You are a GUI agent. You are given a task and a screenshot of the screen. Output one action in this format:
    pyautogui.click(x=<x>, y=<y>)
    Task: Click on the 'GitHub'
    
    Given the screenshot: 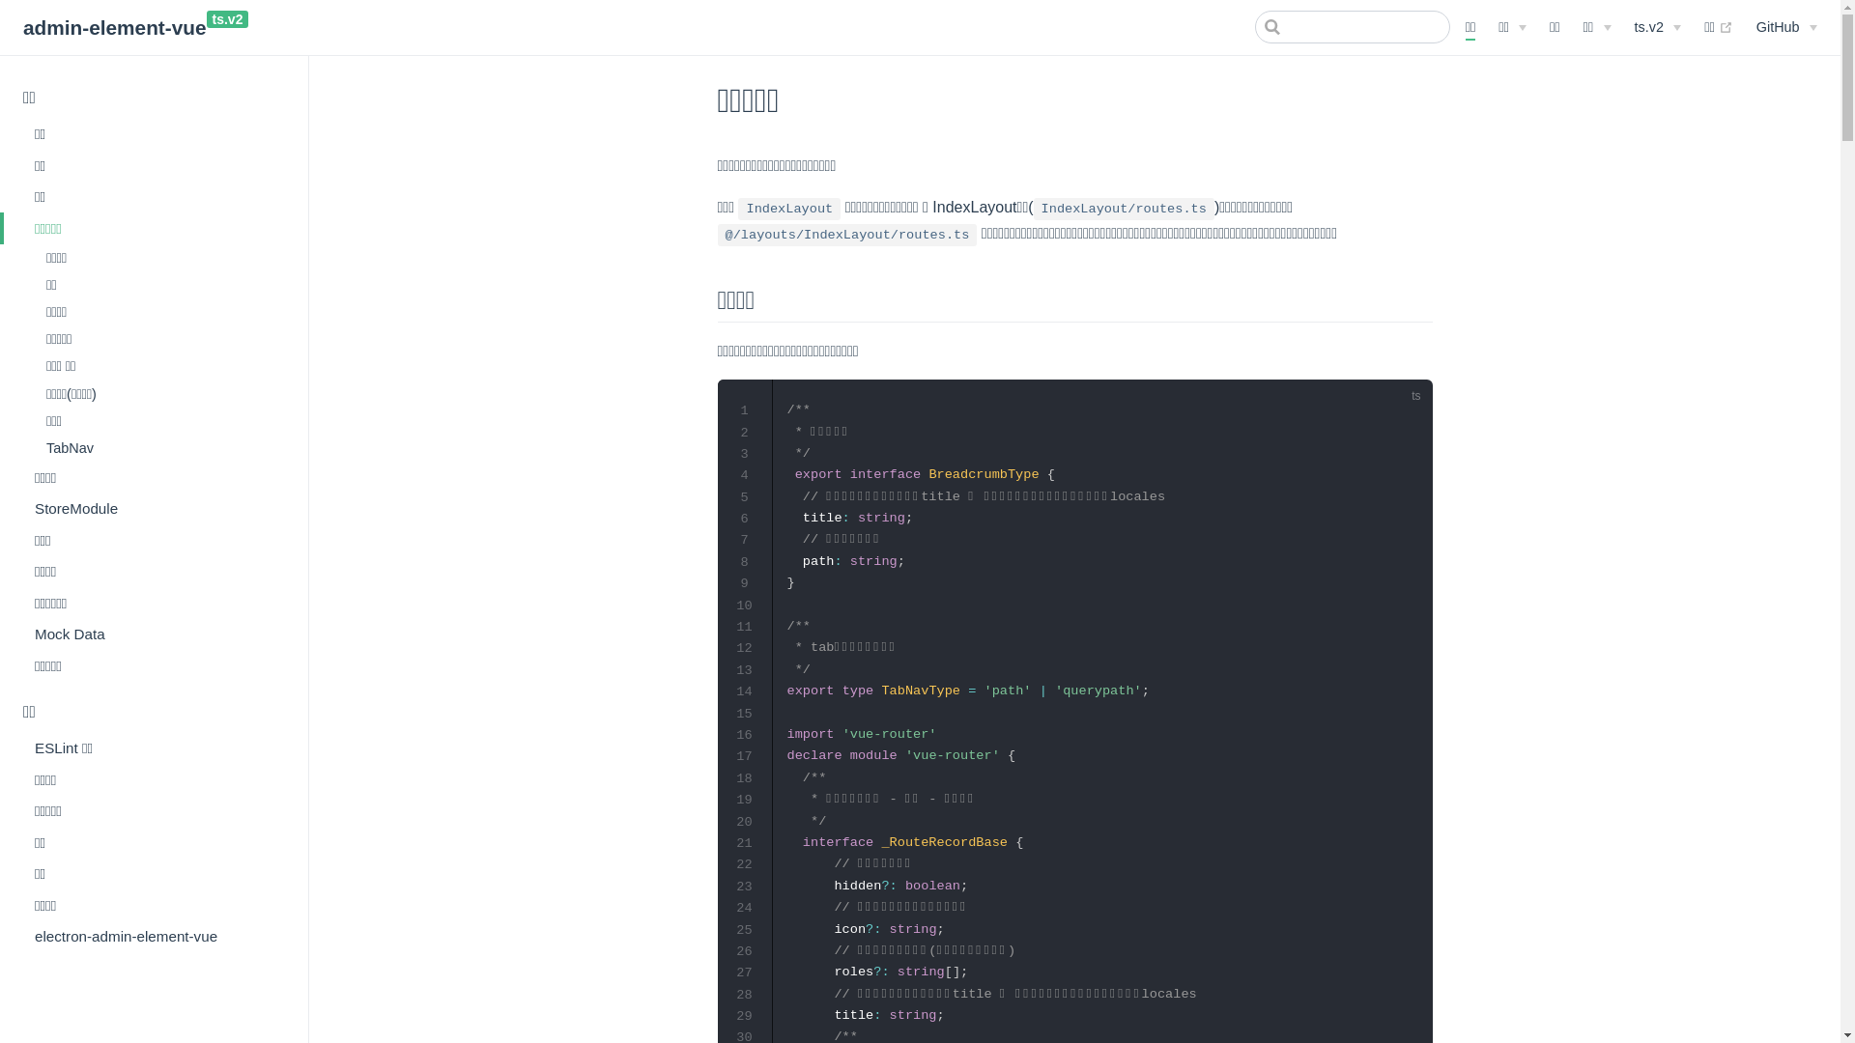 What is the action you would take?
    pyautogui.click(x=1785, y=26)
    